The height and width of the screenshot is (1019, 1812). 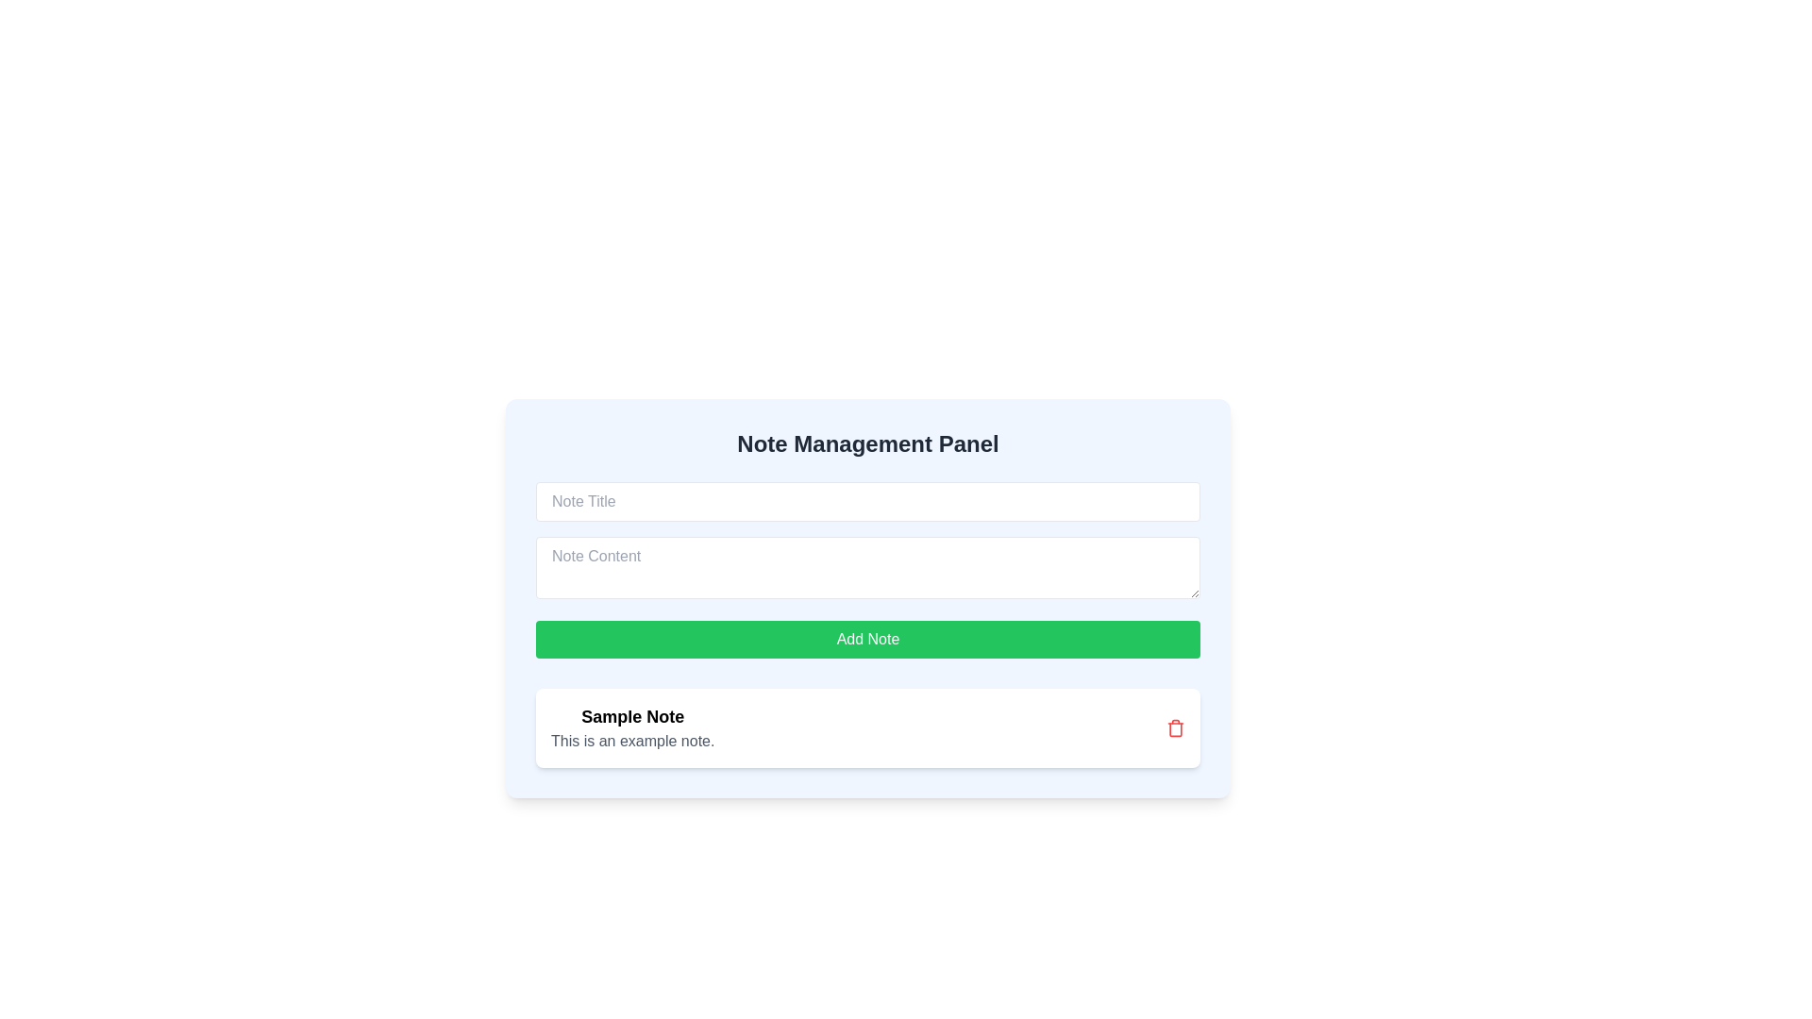 What do you see at coordinates (632, 716) in the screenshot?
I see `bold, large-font text displaying 'Sample Note' located at the center of the text element near the bottom of the main content area` at bounding box center [632, 716].